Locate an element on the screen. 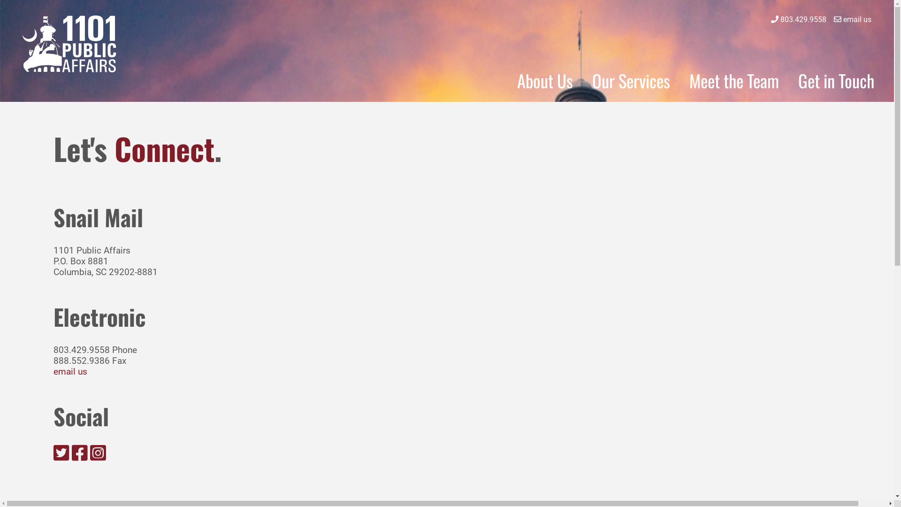 This screenshot has height=507, width=901. 'Instagram' is located at coordinates (98, 456).